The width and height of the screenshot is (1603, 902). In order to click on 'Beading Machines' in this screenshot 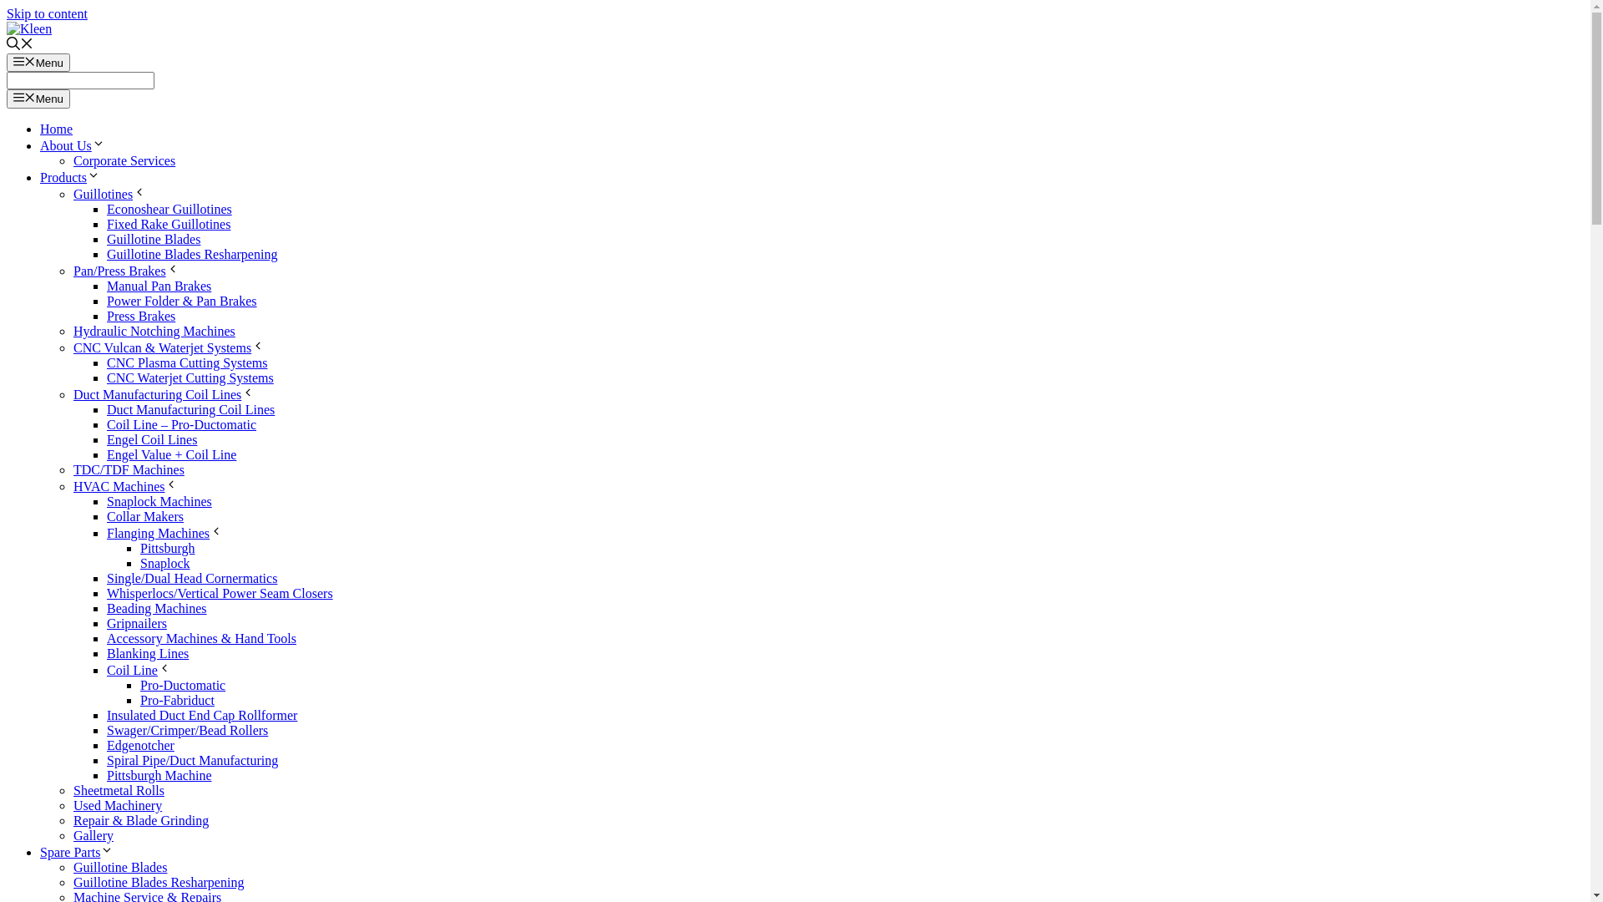, I will do `click(156, 608)`.